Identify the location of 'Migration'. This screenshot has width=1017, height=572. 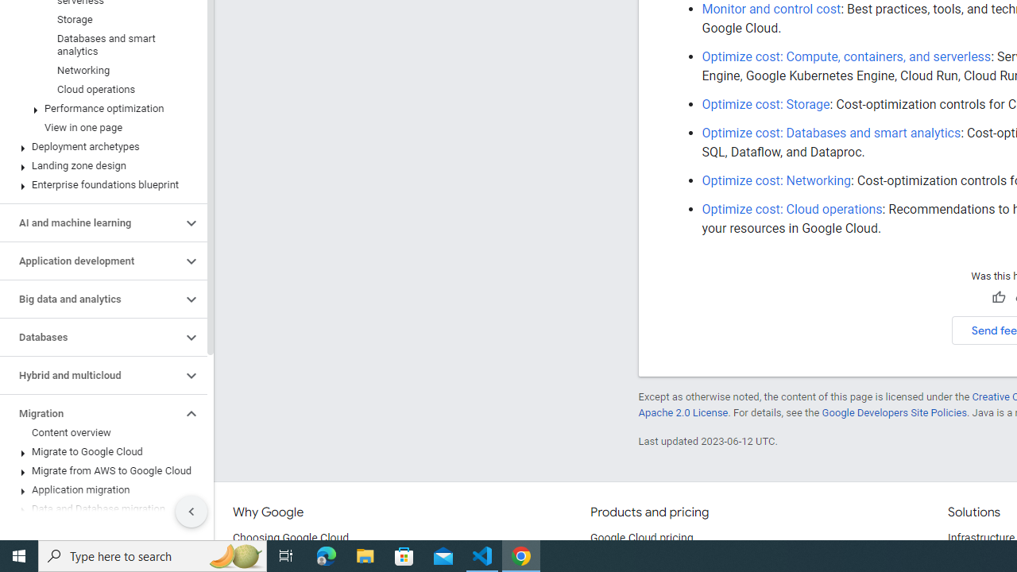
(90, 412).